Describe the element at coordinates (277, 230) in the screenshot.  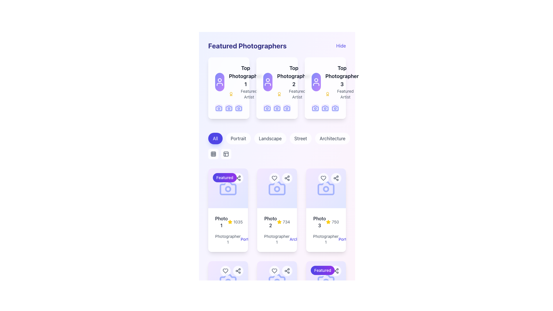
I see `the Informational card component displaying 'Photo 2', rated '734', by 'Photographer 1', in the category 'Architecture'` at that location.